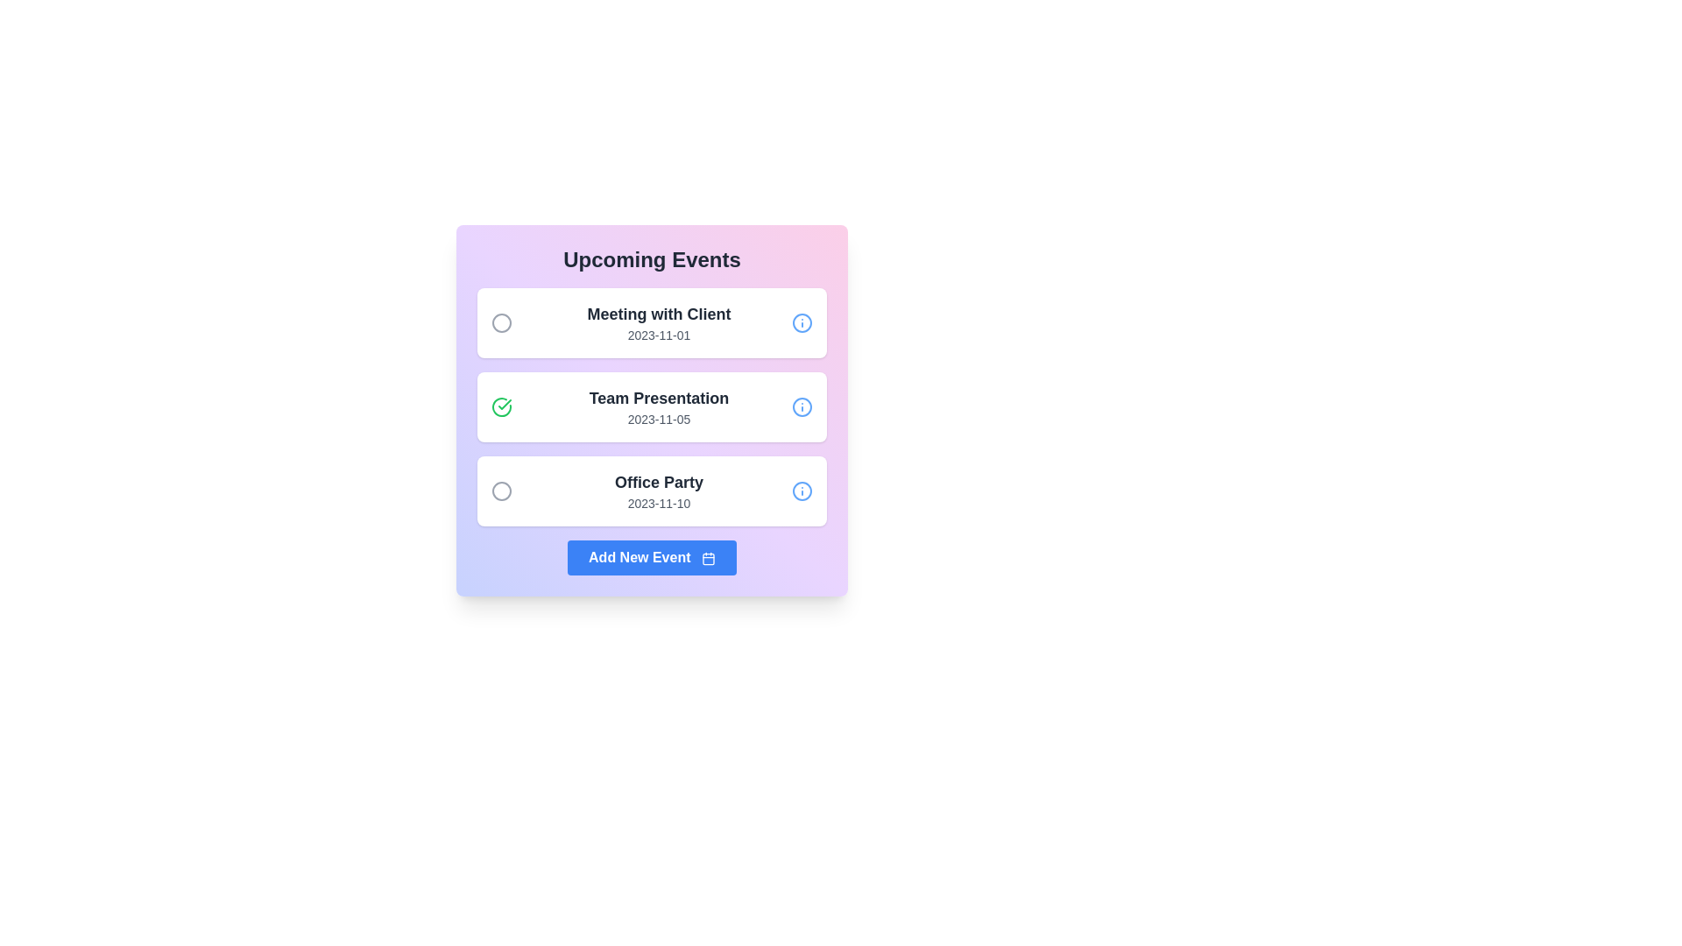  Describe the element at coordinates (500, 491) in the screenshot. I see `the circular toggle or selection indicator located to the far left of the 'Office Party' title in the Upcoming Events list` at that location.